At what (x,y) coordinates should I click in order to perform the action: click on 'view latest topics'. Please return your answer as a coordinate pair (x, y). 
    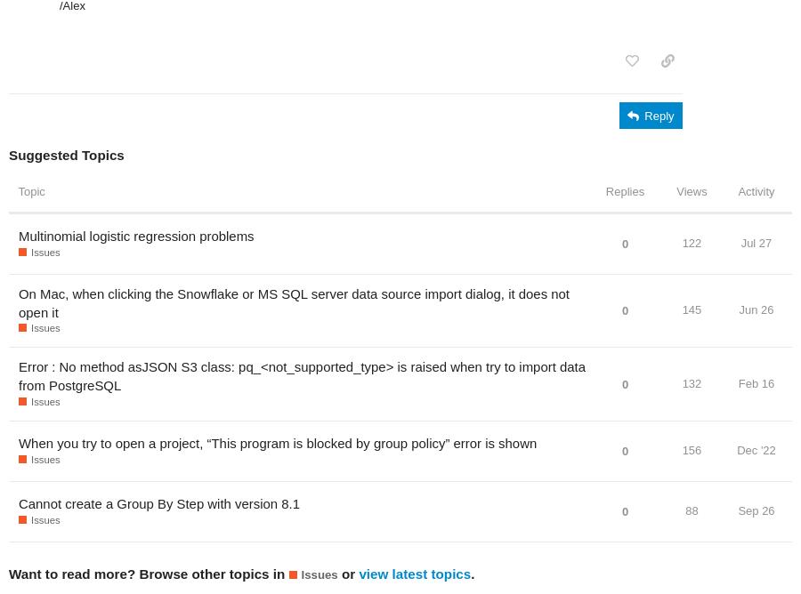
    Looking at the image, I should click on (414, 572).